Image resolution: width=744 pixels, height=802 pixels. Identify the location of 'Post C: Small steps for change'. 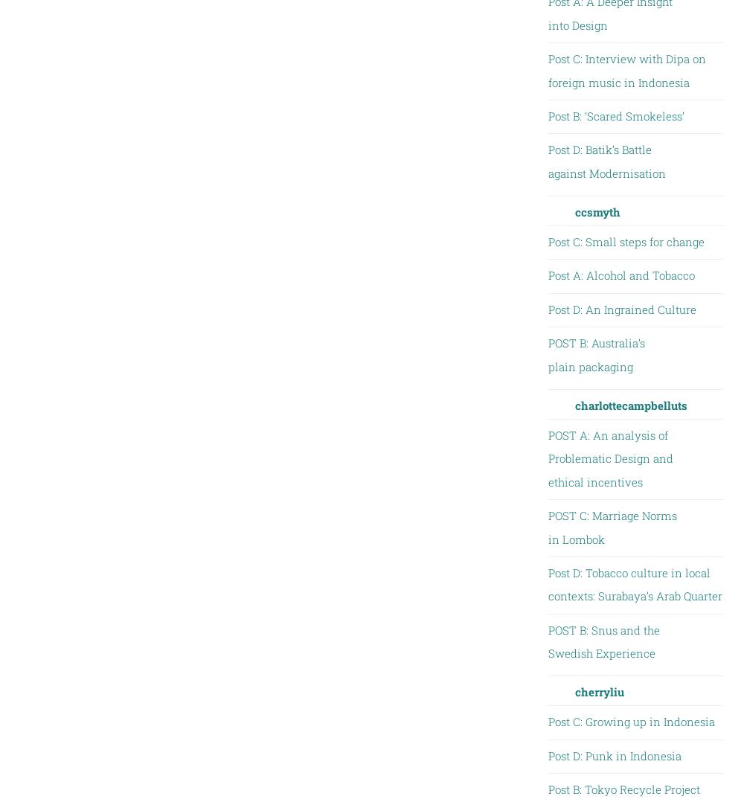
(625, 241).